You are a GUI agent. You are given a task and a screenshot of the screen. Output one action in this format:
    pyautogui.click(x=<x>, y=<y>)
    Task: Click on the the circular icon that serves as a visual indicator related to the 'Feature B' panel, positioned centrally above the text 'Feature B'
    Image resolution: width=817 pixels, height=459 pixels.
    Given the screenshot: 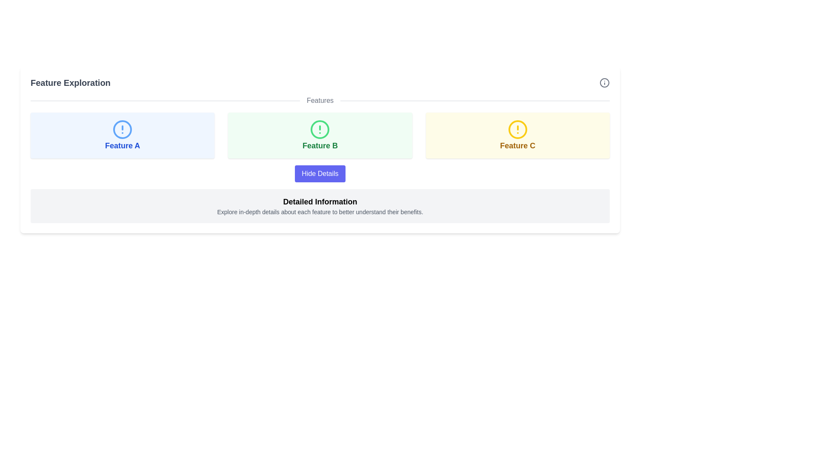 What is the action you would take?
    pyautogui.click(x=320, y=129)
    